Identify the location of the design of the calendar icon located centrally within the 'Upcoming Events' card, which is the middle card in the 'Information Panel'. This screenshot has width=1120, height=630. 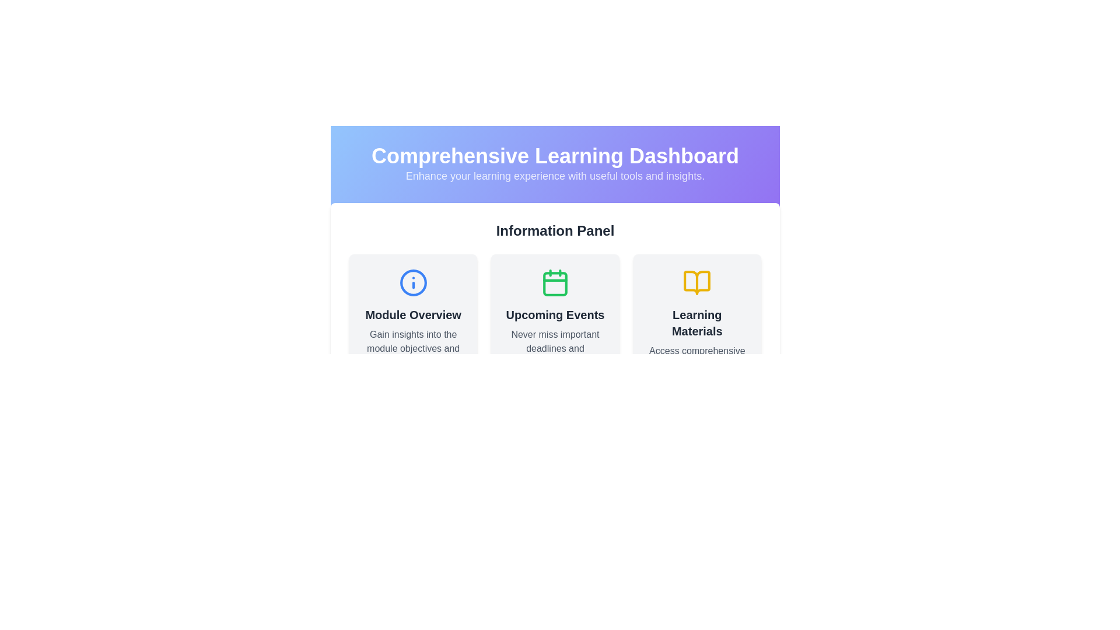
(554, 283).